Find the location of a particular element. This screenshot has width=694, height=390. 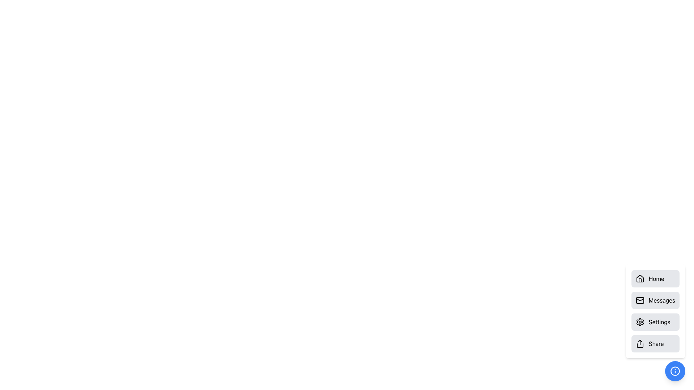

the 'Settings' button, which is a rectangular button with rounded corners, gray background, and a gear icon on the left, positioned third in a vertical list of buttons is located at coordinates (655, 321).